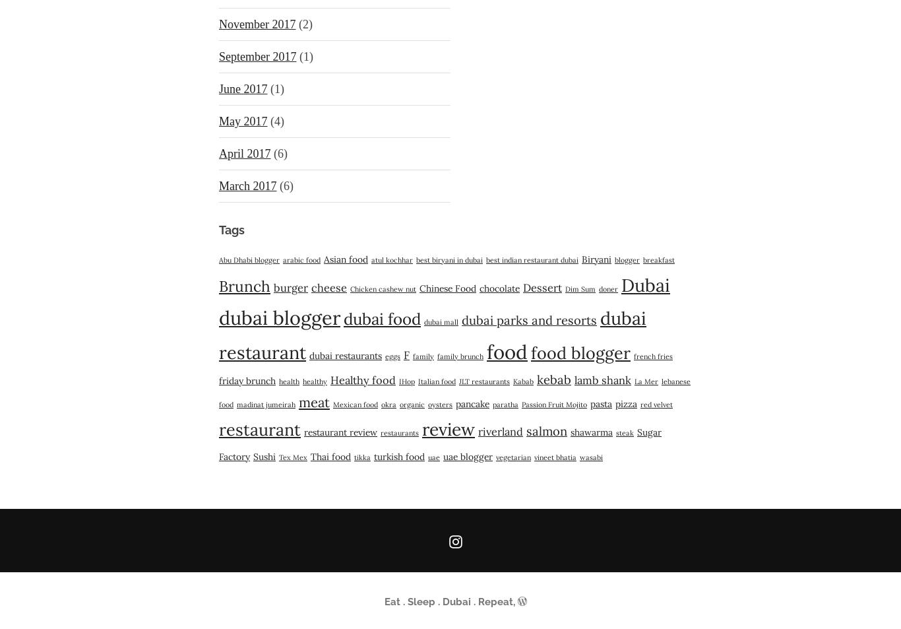  What do you see at coordinates (580, 353) in the screenshot?
I see `'food blogger'` at bounding box center [580, 353].